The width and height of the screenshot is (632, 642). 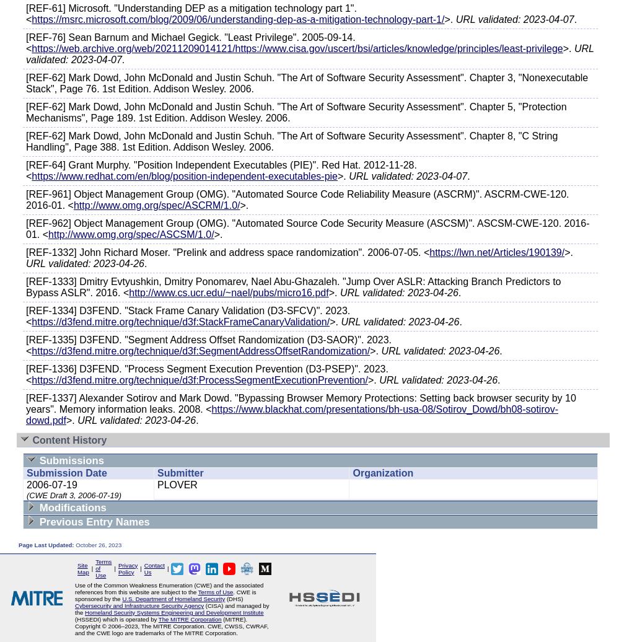 What do you see at coordinates (130, 234) in the screenshot?
I see `'http://www.omg.org/spec/ASCSM/1.0/'` at bounding box center [130, 234].